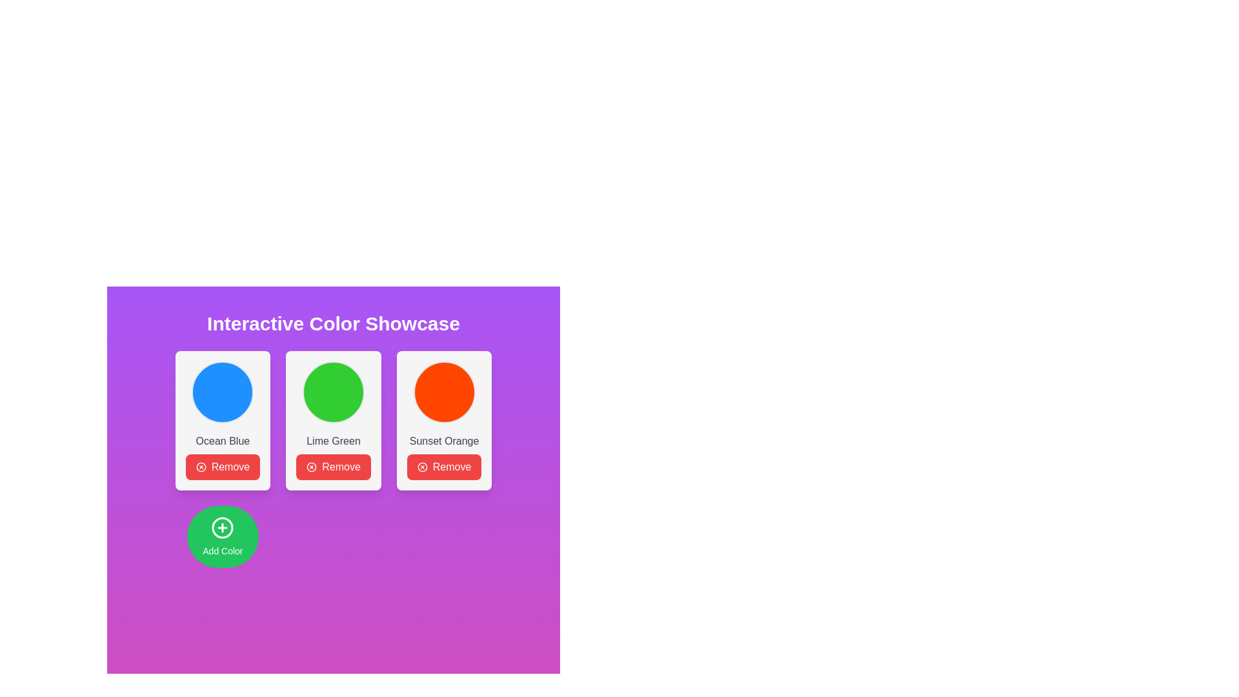 The image size is (1239, 697). Describe the element at coordinates (334, 459) in the screenshot. I see `the 'Remove' button with a red background and white text, located beneath the green circular item labeled 'Lime Green'` at that location.